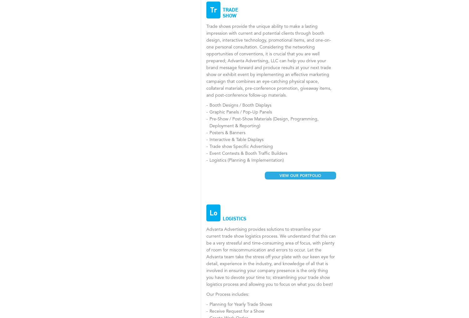 This screenshot has width=469, height=318. Describe the element at coordinates (241, 146) in the screenshot. I see `'Trade show Specific Advertising'` at that location.